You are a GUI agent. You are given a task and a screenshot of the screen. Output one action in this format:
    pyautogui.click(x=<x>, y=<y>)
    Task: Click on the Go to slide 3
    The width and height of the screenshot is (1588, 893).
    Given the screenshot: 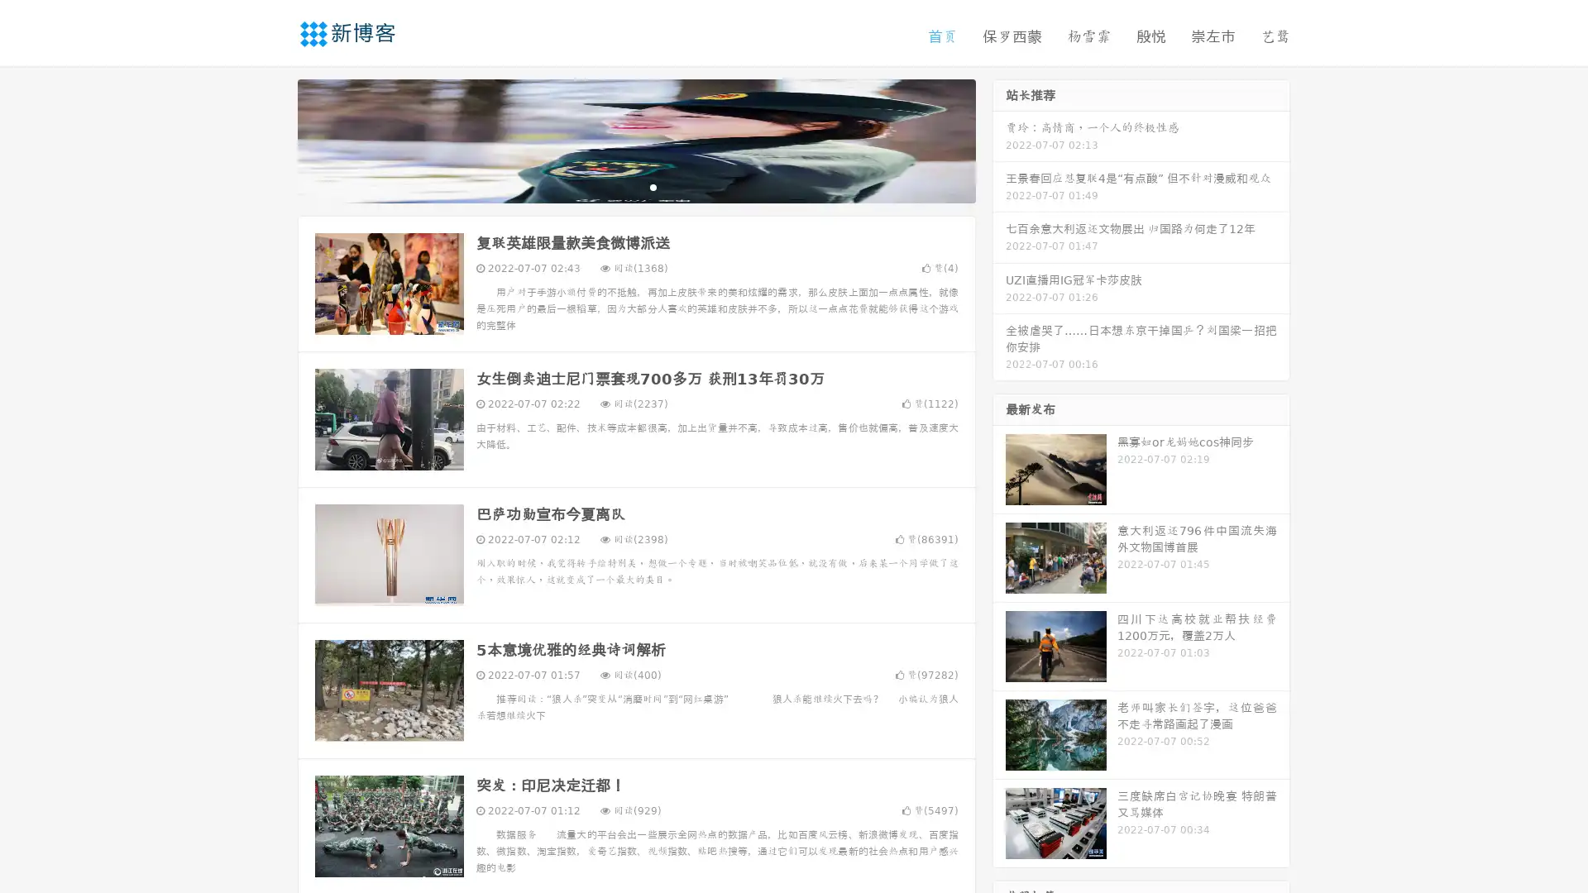 What is the action you would take?
    pyautogui.click(x=653, y=186)
    